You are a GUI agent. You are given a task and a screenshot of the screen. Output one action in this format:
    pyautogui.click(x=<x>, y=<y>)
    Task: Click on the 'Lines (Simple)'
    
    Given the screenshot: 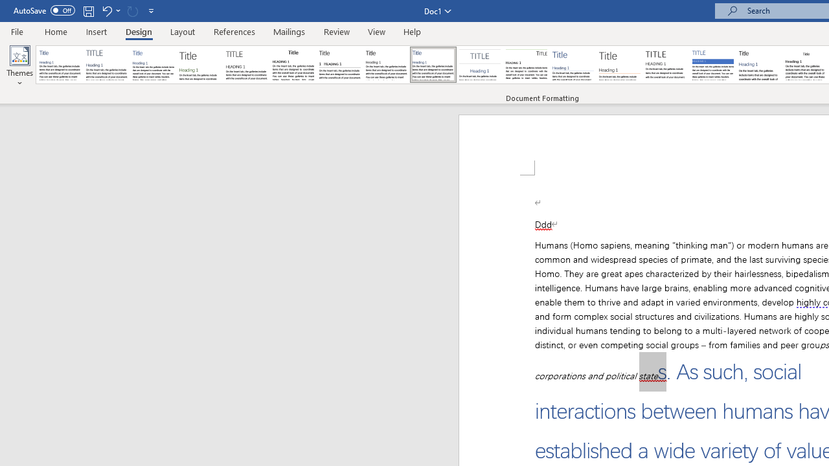 What is the action you would take?
    pyautogui.click(x=573, y=65)
    